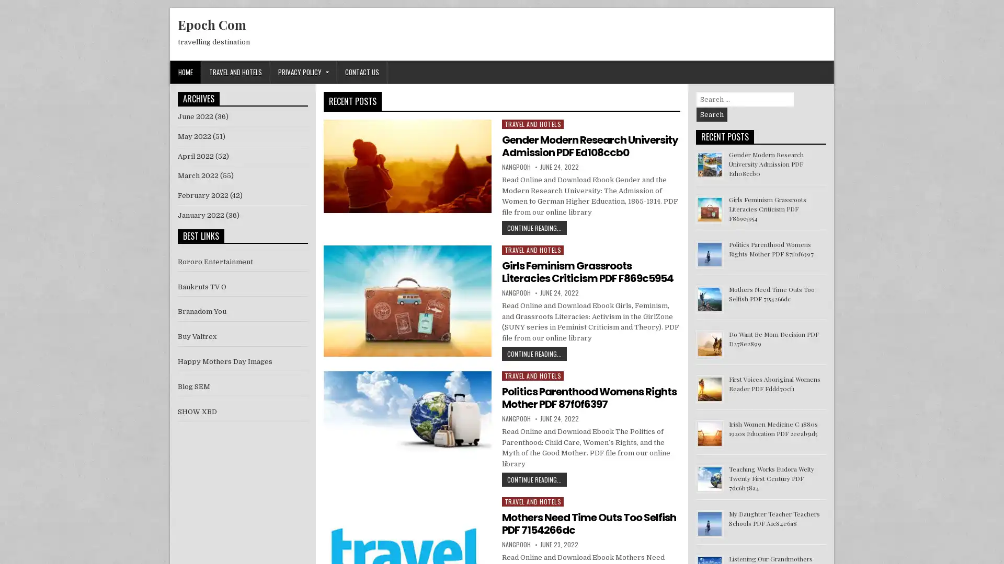  I want to click on Search, so click(711, 114).